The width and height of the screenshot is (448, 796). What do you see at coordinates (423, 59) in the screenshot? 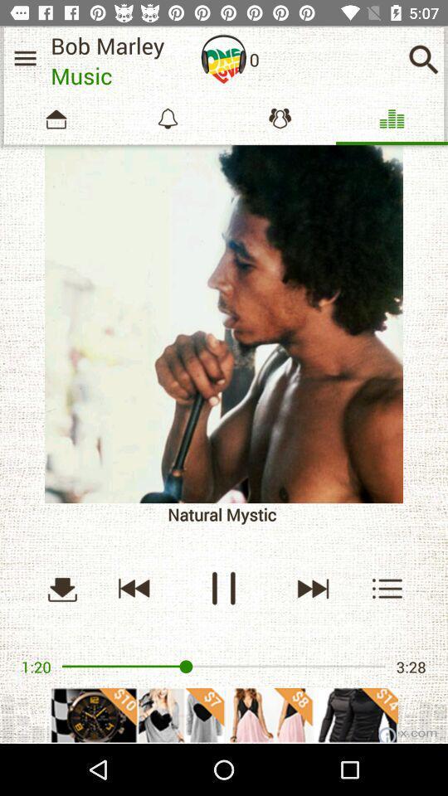
I see `search` at bounding box center [423, 59].